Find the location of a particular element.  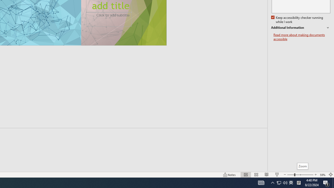

'Read more about making documents accessible' is located at coordinates (302, 37).